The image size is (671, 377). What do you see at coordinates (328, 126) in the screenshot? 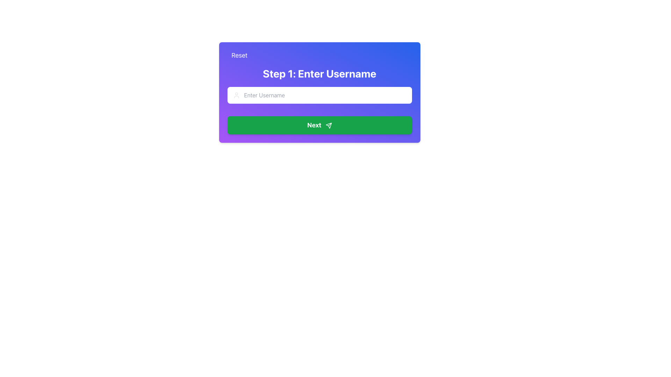
I see `the icon located at the rightmost side of the green rectangular 'Next' button` at bounding box center [328, 126].